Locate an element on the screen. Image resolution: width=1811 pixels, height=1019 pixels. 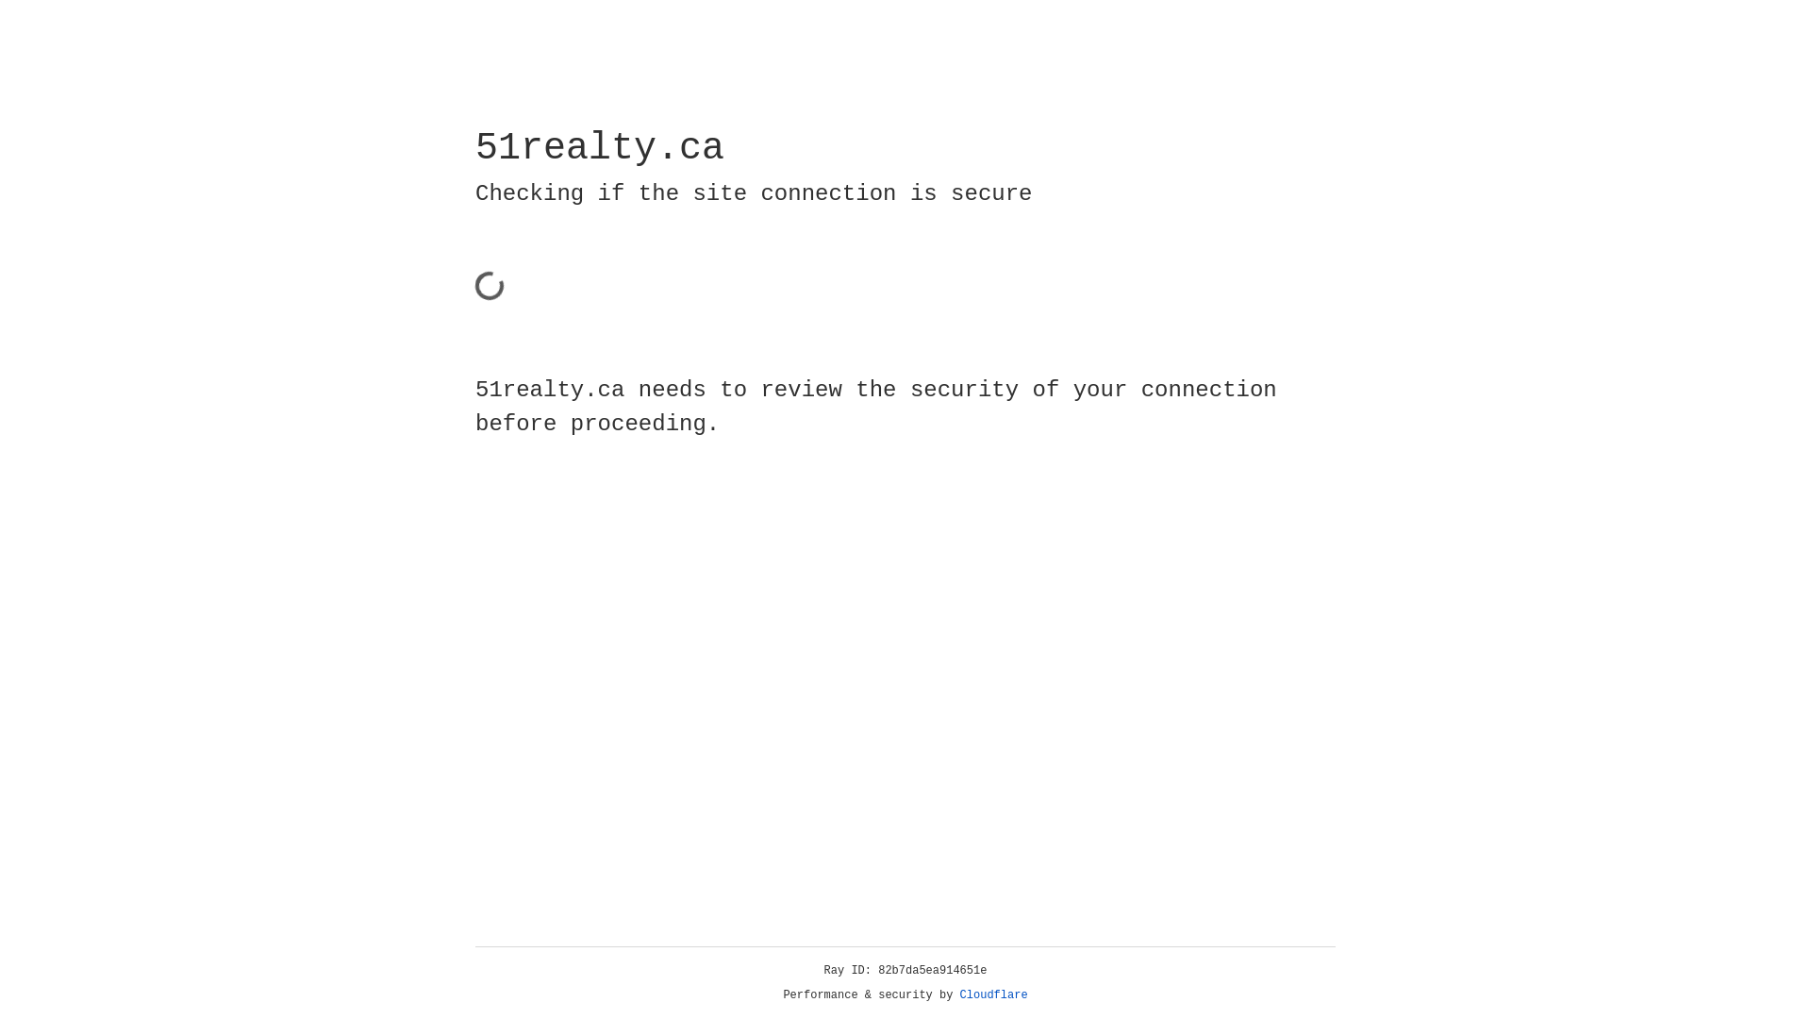
'Cloudflare' is located at coordinates (993, 994).